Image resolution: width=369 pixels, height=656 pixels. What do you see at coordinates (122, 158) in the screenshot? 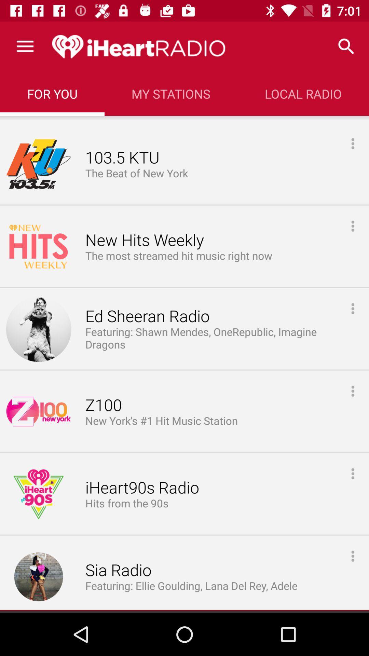
I see `the 103.5 ktu` at bounding box center [122, 158].